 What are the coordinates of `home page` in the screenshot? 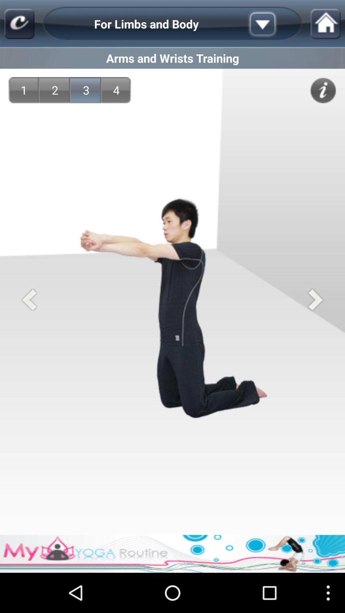 It's located at (326, 24).